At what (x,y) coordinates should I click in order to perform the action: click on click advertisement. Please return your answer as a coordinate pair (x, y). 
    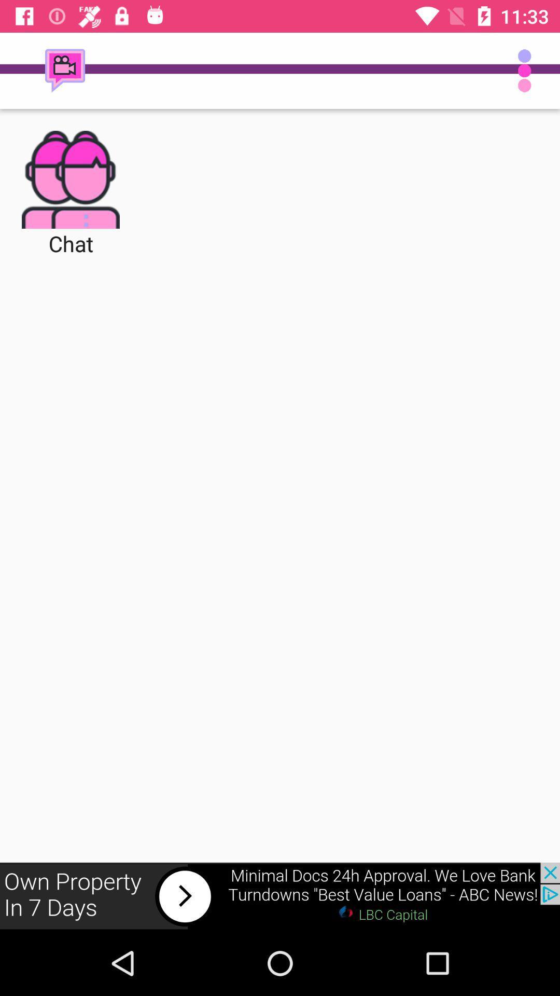
    Looking at the image, I should click on (280, 896).